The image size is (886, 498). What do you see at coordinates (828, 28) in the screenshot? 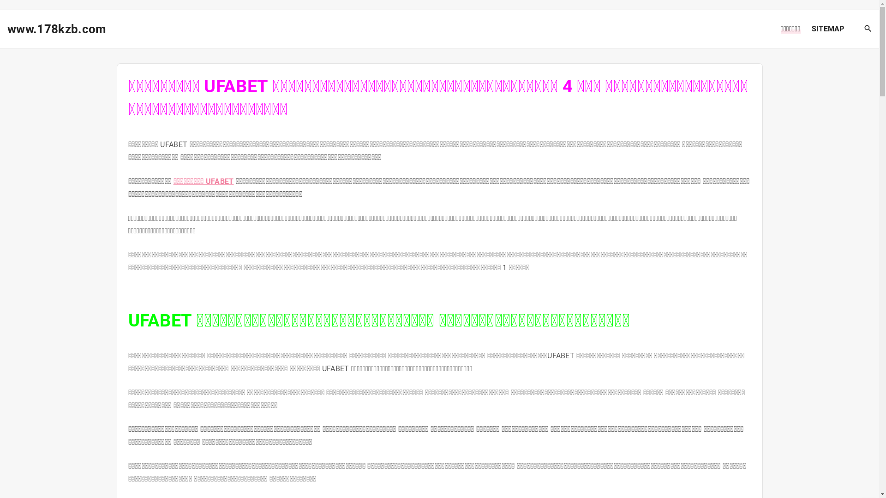
I see `'SITEMAP'` at bounding box center [828, 28].